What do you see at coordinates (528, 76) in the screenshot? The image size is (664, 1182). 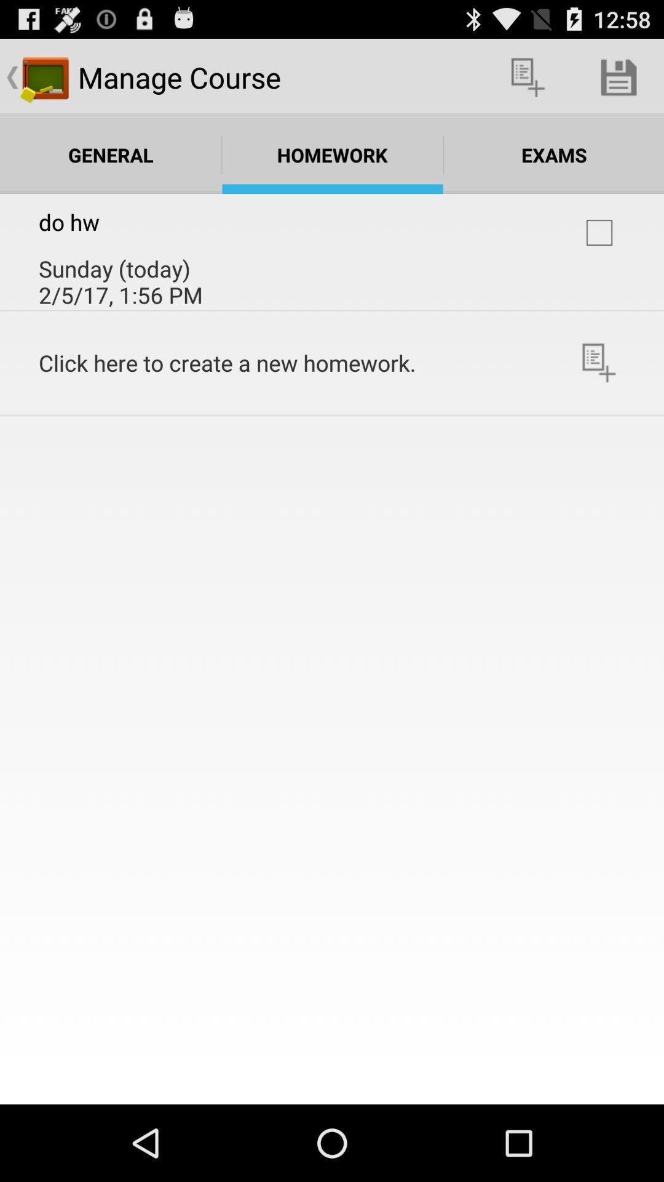 I see `the icon to the right of the manage course icon` at bounding box center [528, 76].